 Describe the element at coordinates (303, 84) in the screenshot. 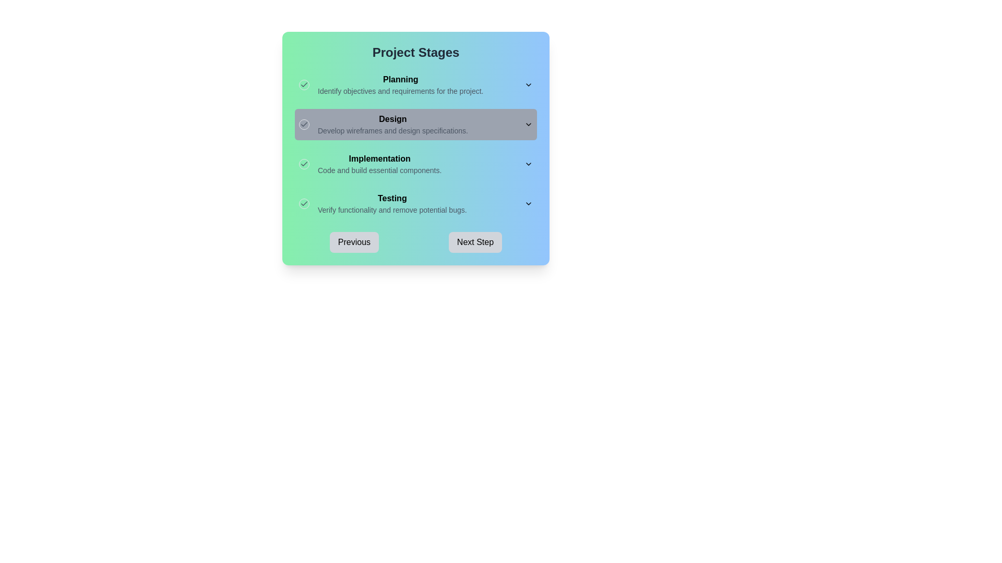

I see `the status indicator icon that shows the completion of the 'Planning' stage, located under the 'Project Stages' header` at that location.